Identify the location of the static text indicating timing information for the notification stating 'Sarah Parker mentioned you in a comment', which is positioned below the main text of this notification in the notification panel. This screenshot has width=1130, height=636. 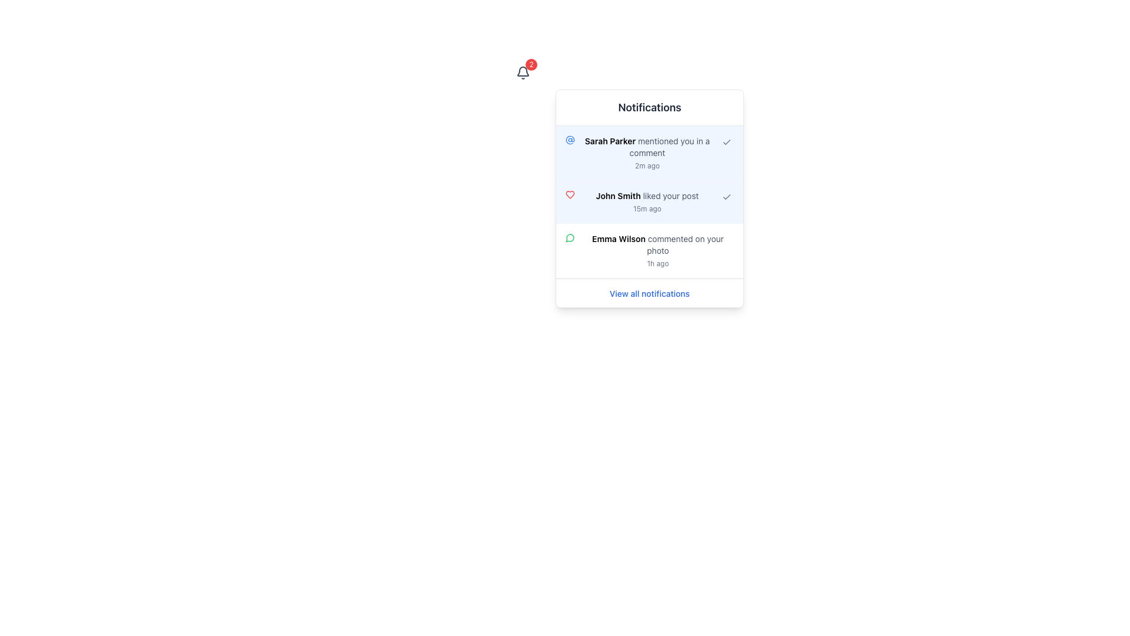
(646, 165).